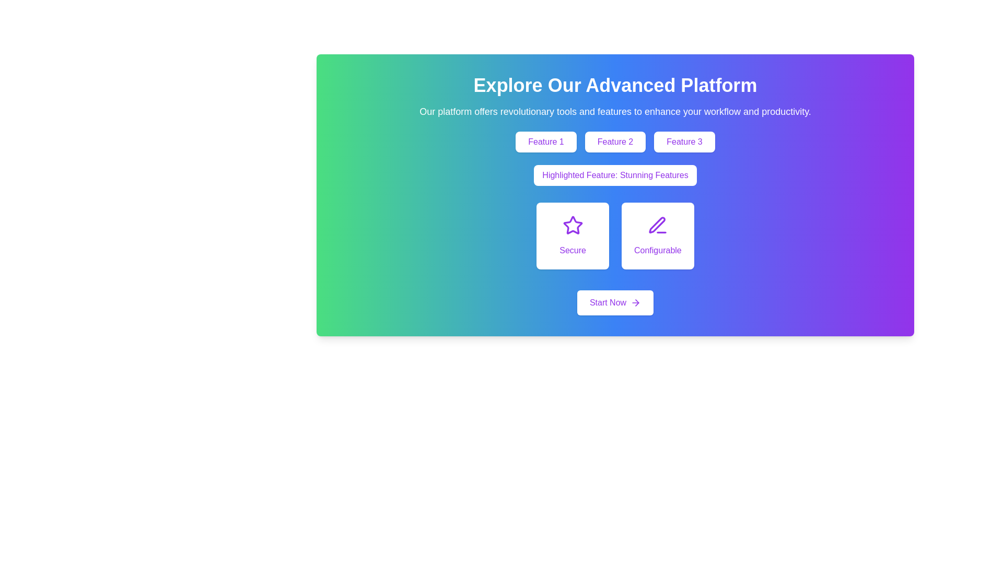 The height and width of the screenshot is (564, 1003). Describe the element at coordinates (657, 225) in the screenshot. I see `the SVG-based pen icon with a purple stroke, located in the second white box from the left under the 'Highlighted Feature: Stunning Features' section` at that location.